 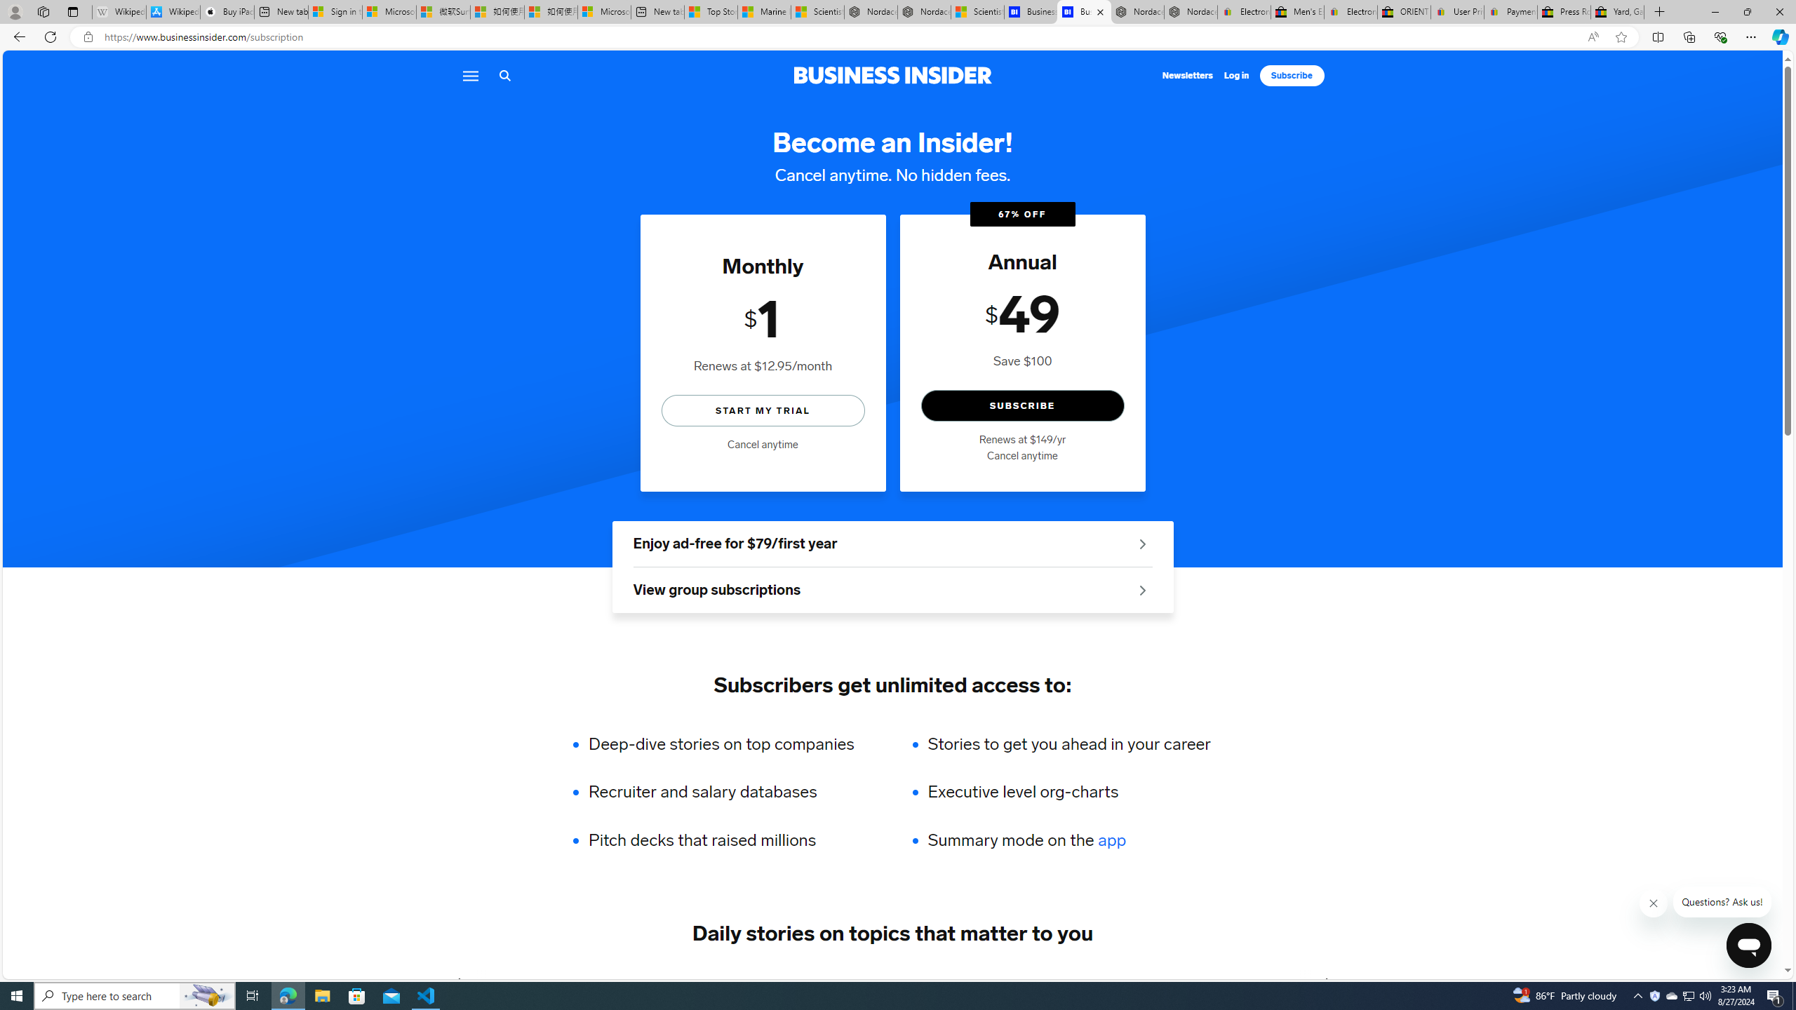 What do you see at coordinates (1141, 589) in the screenshot?
I see `'See group offers'` at bounding box center [1141, 589].